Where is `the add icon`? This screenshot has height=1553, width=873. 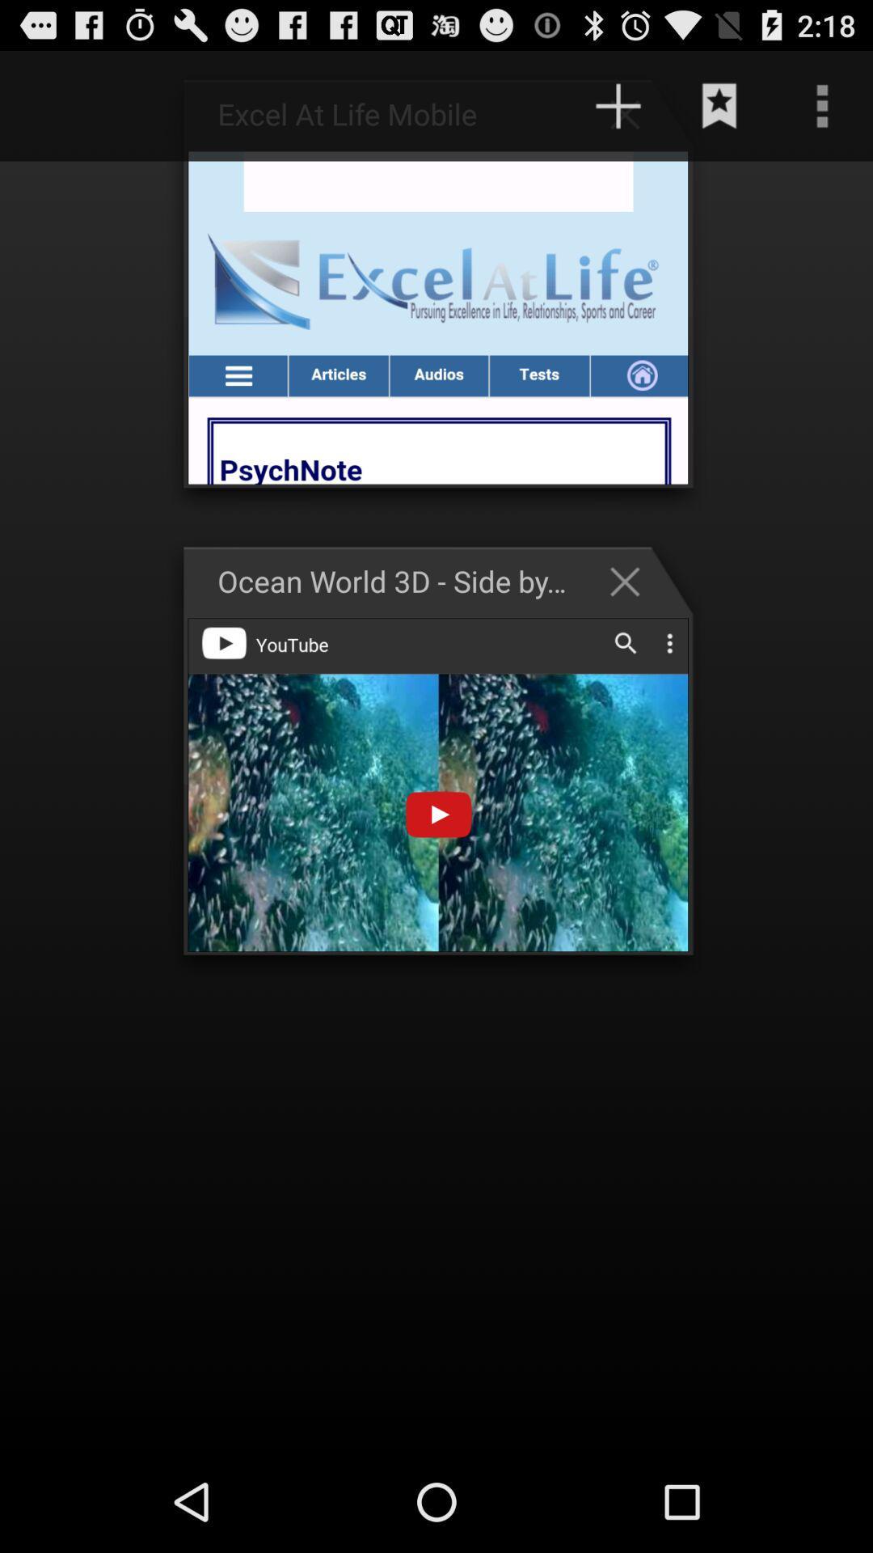
the add icon is located at coordinates (632, 121).